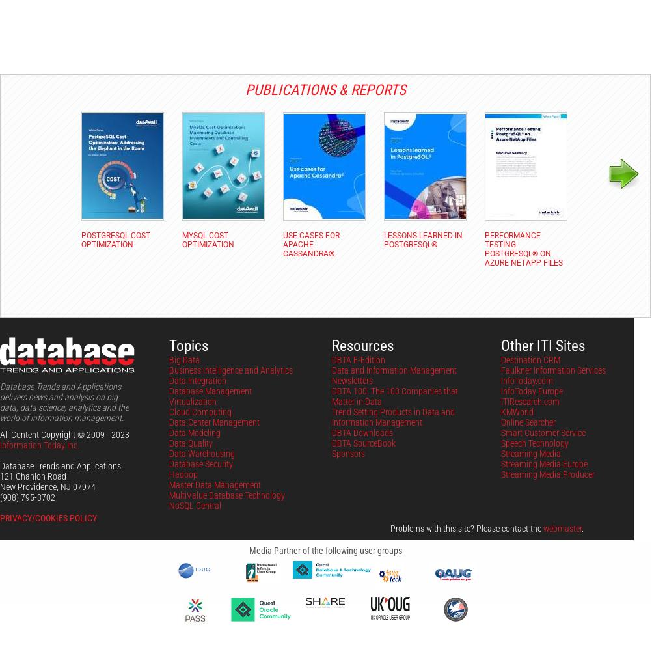 Image resolution: width=652 pixels, height=660 pixels. What do you see at coordinates (528, 422) in the screenshot?
I see `'Online Searcher'` at bounding box center [528, 422].